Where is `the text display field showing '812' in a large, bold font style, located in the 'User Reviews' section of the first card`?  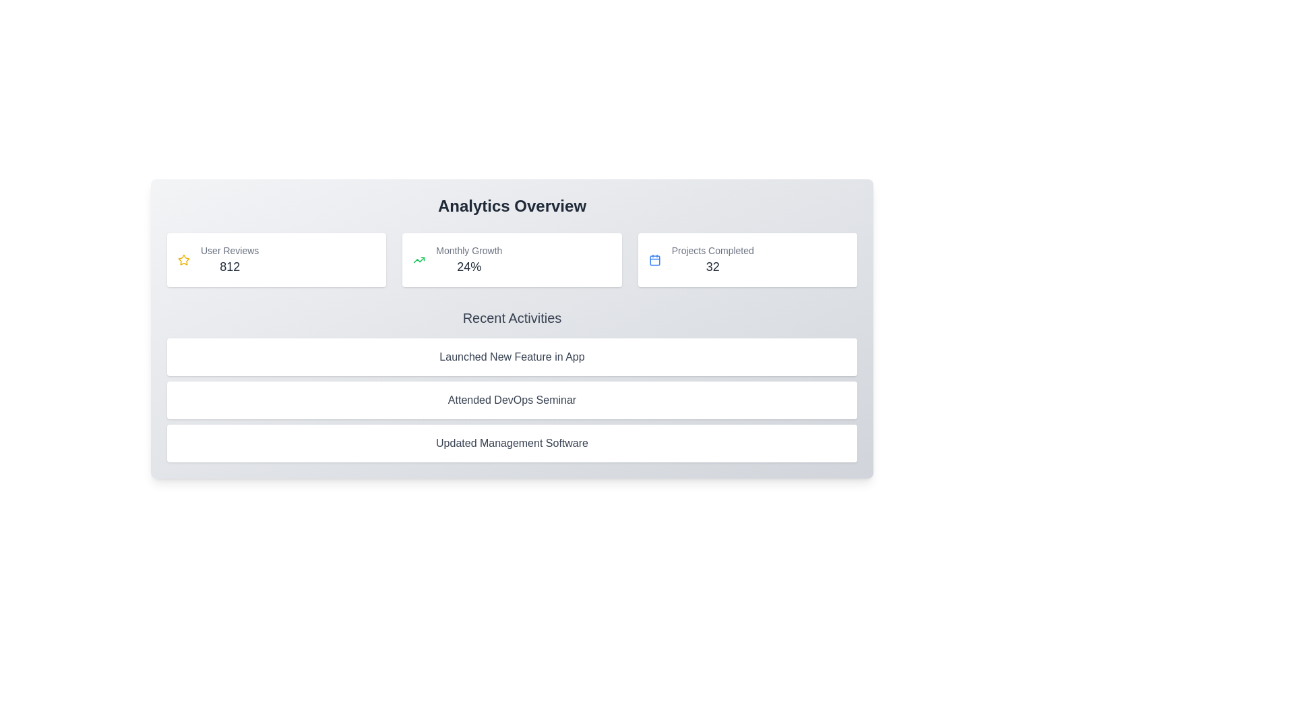 the text display field showing '812' in a large, bold font style, located in the 'User Reviews' section of the first card is located at coordinates (230, 267).